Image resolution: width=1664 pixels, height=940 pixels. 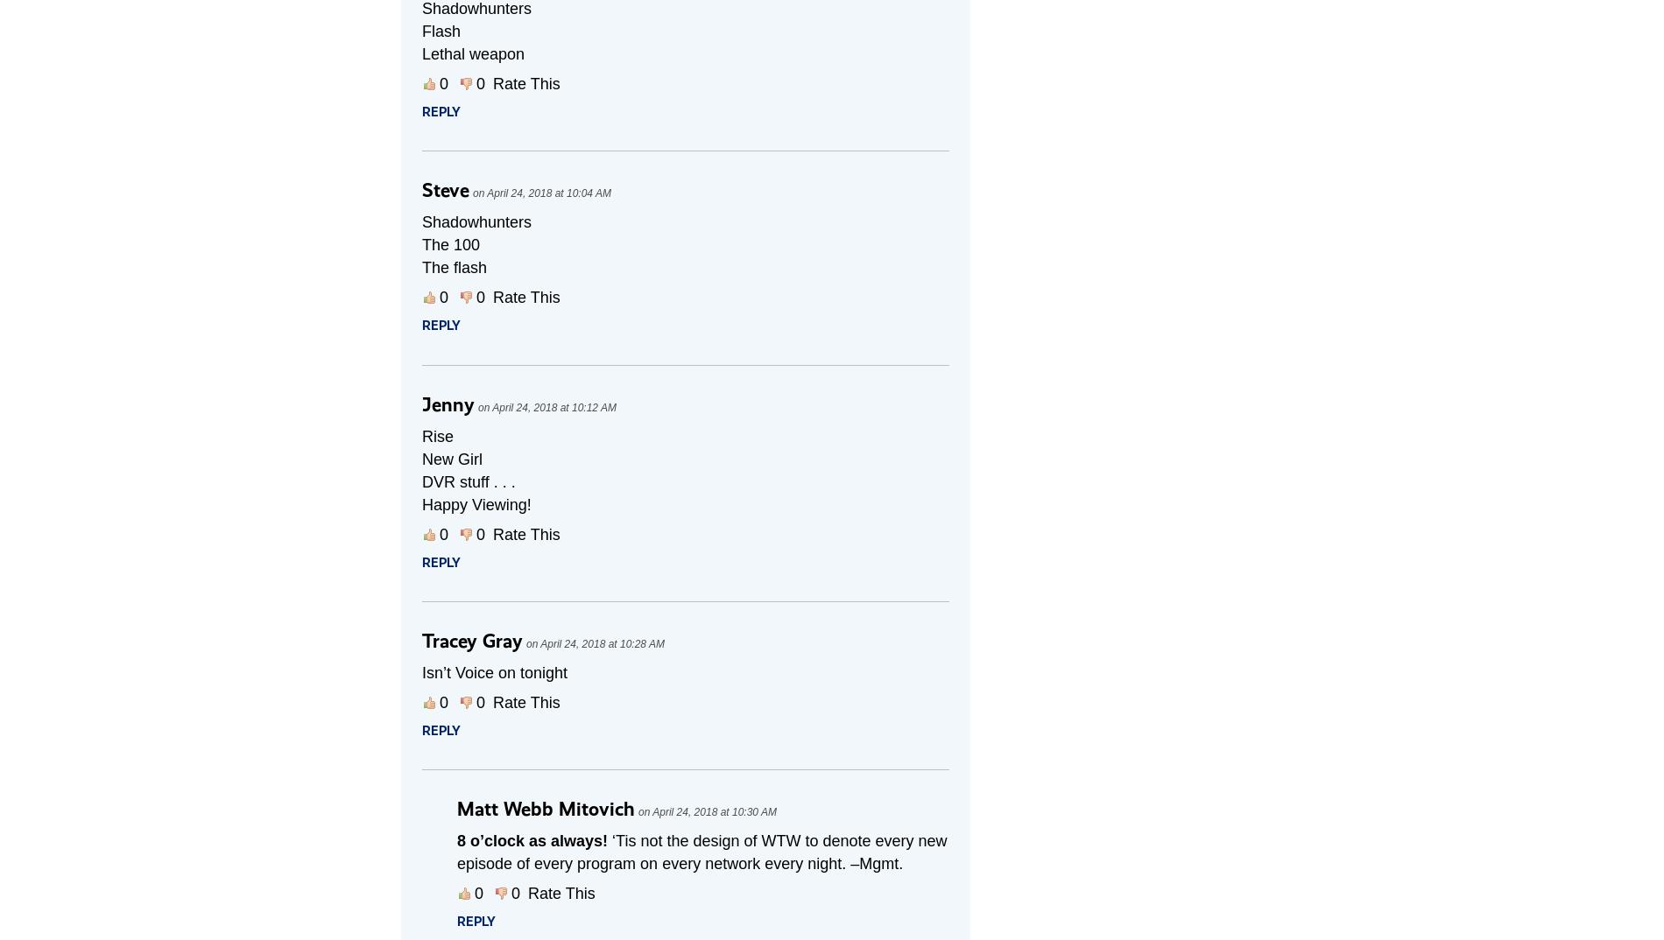 What do you see at coordinates (446, 189) in the screenshot?
I see `'Steve'` at bounding box center [446, 189].